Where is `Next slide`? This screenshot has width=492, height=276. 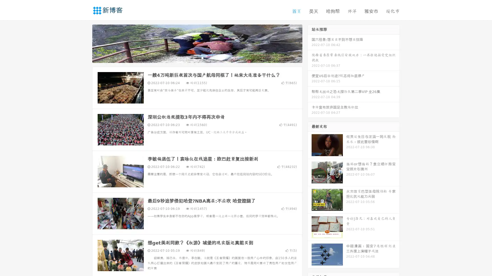
Next slide is located at coordinates (310, 43).